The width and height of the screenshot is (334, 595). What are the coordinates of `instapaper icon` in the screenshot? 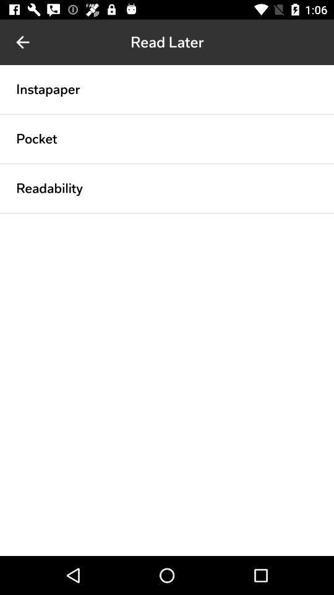 It's located at (47, 89).